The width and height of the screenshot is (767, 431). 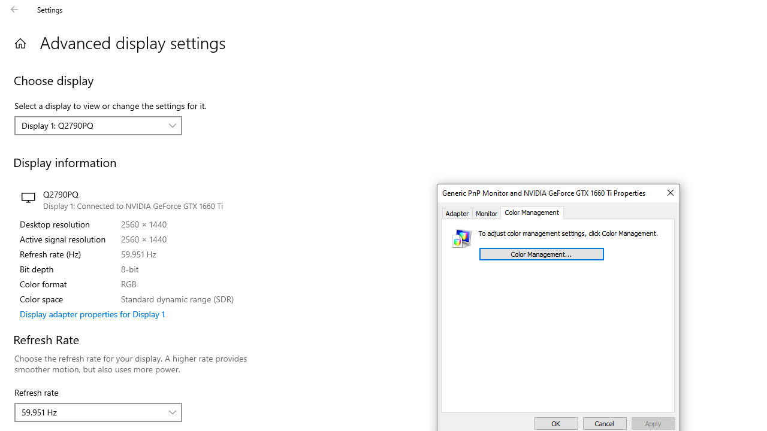 What do you see at coordinates (532, 213) in the screenshot?
I see `'Color Management'` at bounding box center [532, 213].